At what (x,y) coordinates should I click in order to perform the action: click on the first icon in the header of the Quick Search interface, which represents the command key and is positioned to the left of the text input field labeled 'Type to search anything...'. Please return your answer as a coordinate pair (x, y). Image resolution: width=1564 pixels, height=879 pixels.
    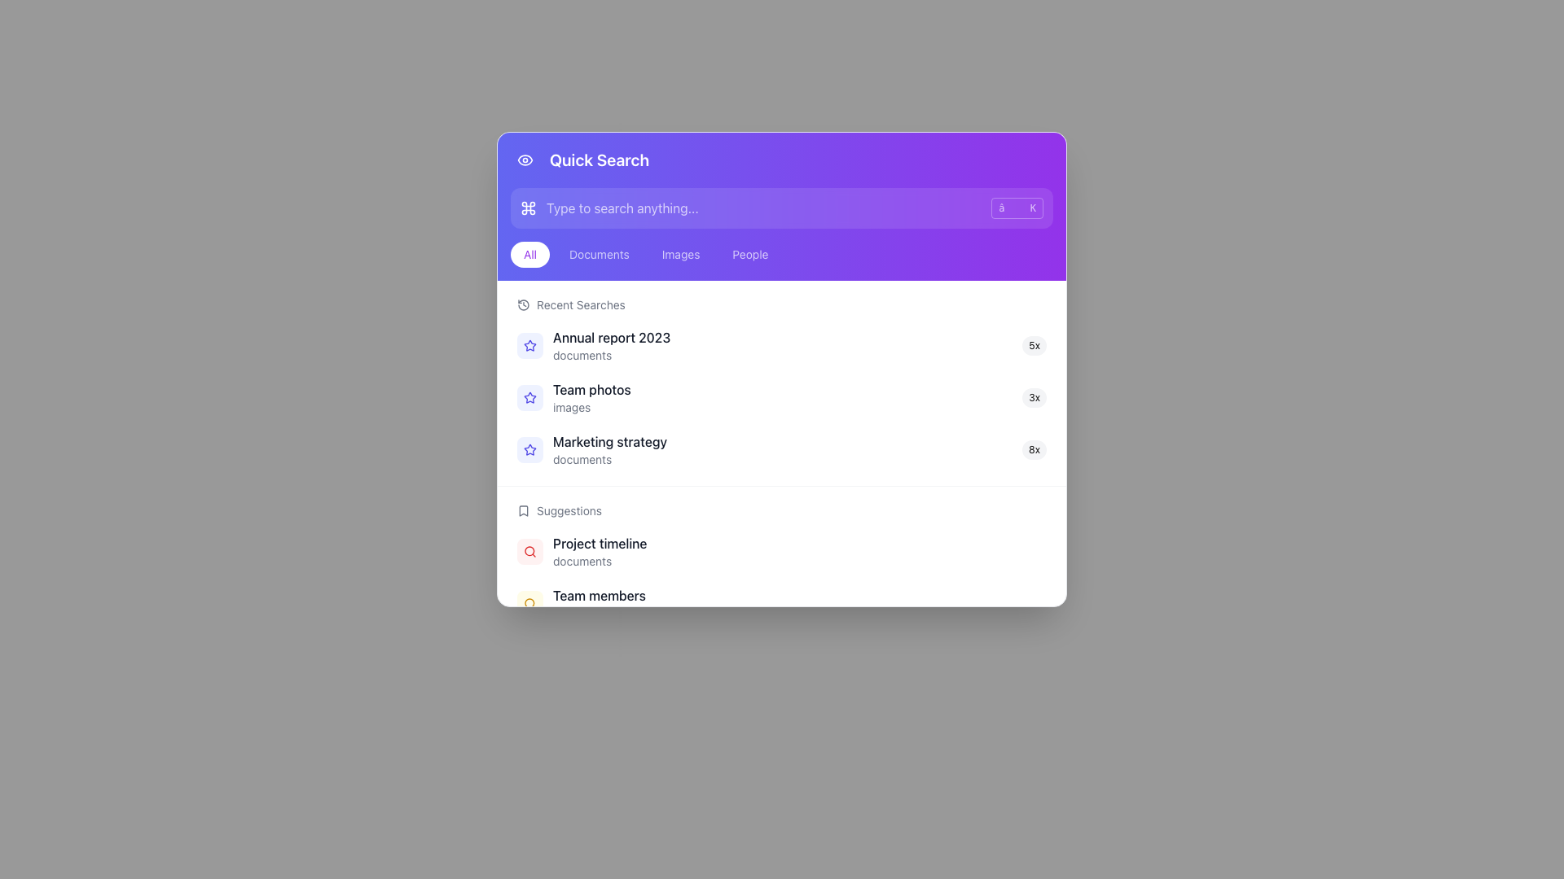
    Looking at the image, I should click on (528, 207).